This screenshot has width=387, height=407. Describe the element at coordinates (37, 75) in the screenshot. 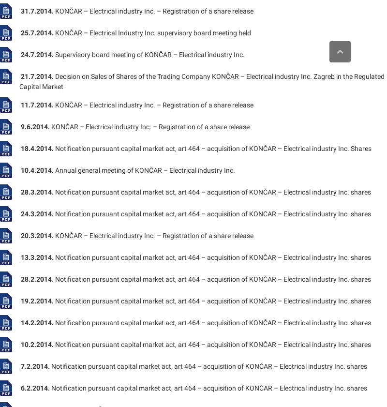

I see `'21.7.2014.'` at that location.